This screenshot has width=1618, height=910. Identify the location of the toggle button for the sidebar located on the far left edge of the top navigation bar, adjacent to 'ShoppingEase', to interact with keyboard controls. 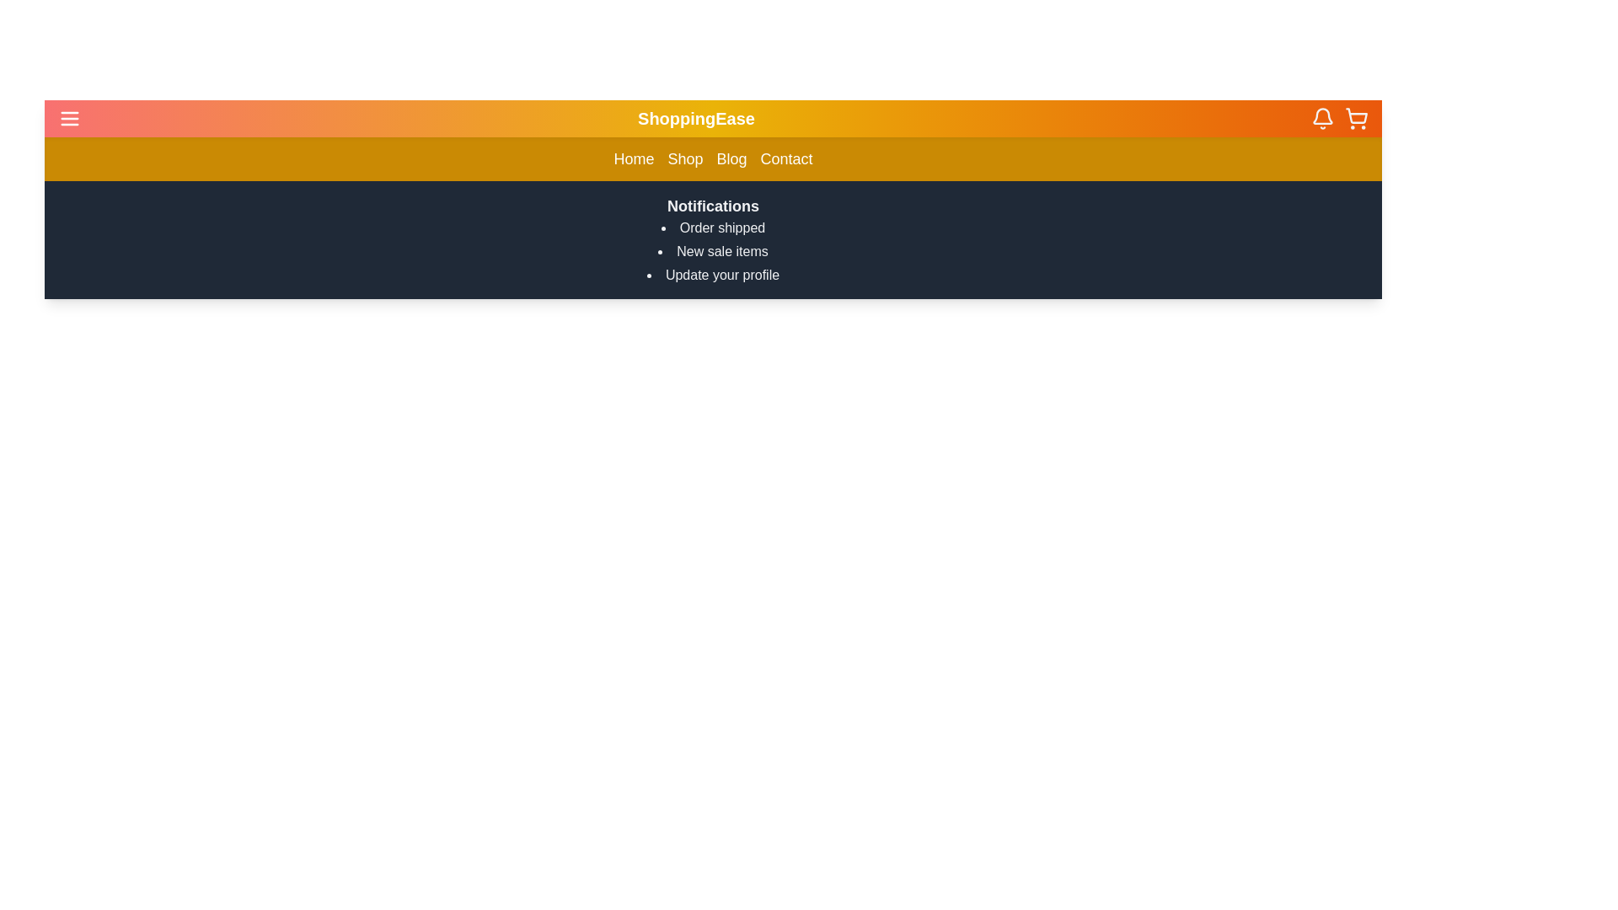
(68, 118).